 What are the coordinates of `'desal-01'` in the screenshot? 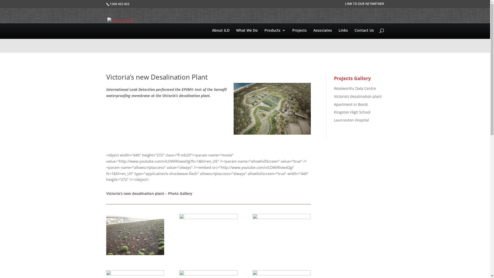 It's located at (208, 255).